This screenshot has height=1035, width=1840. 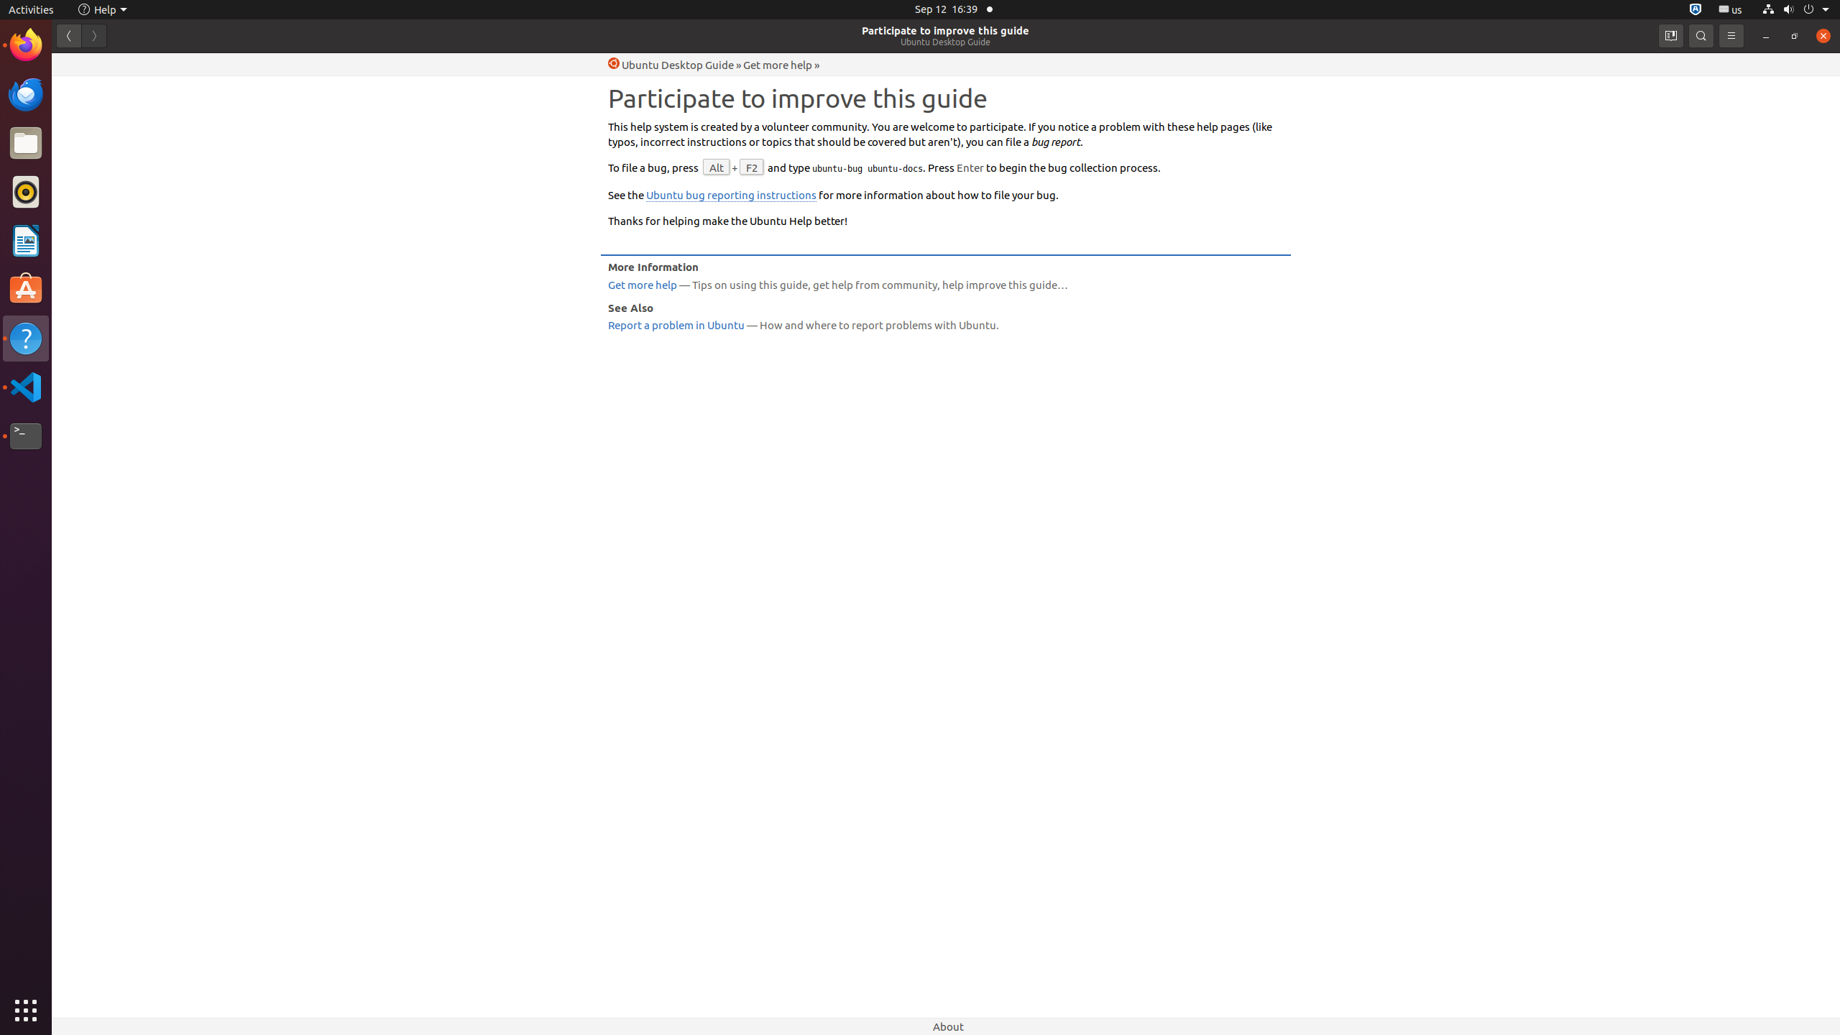 I want to click on 'Firefox Web Browser', so click(x=26, y=44).